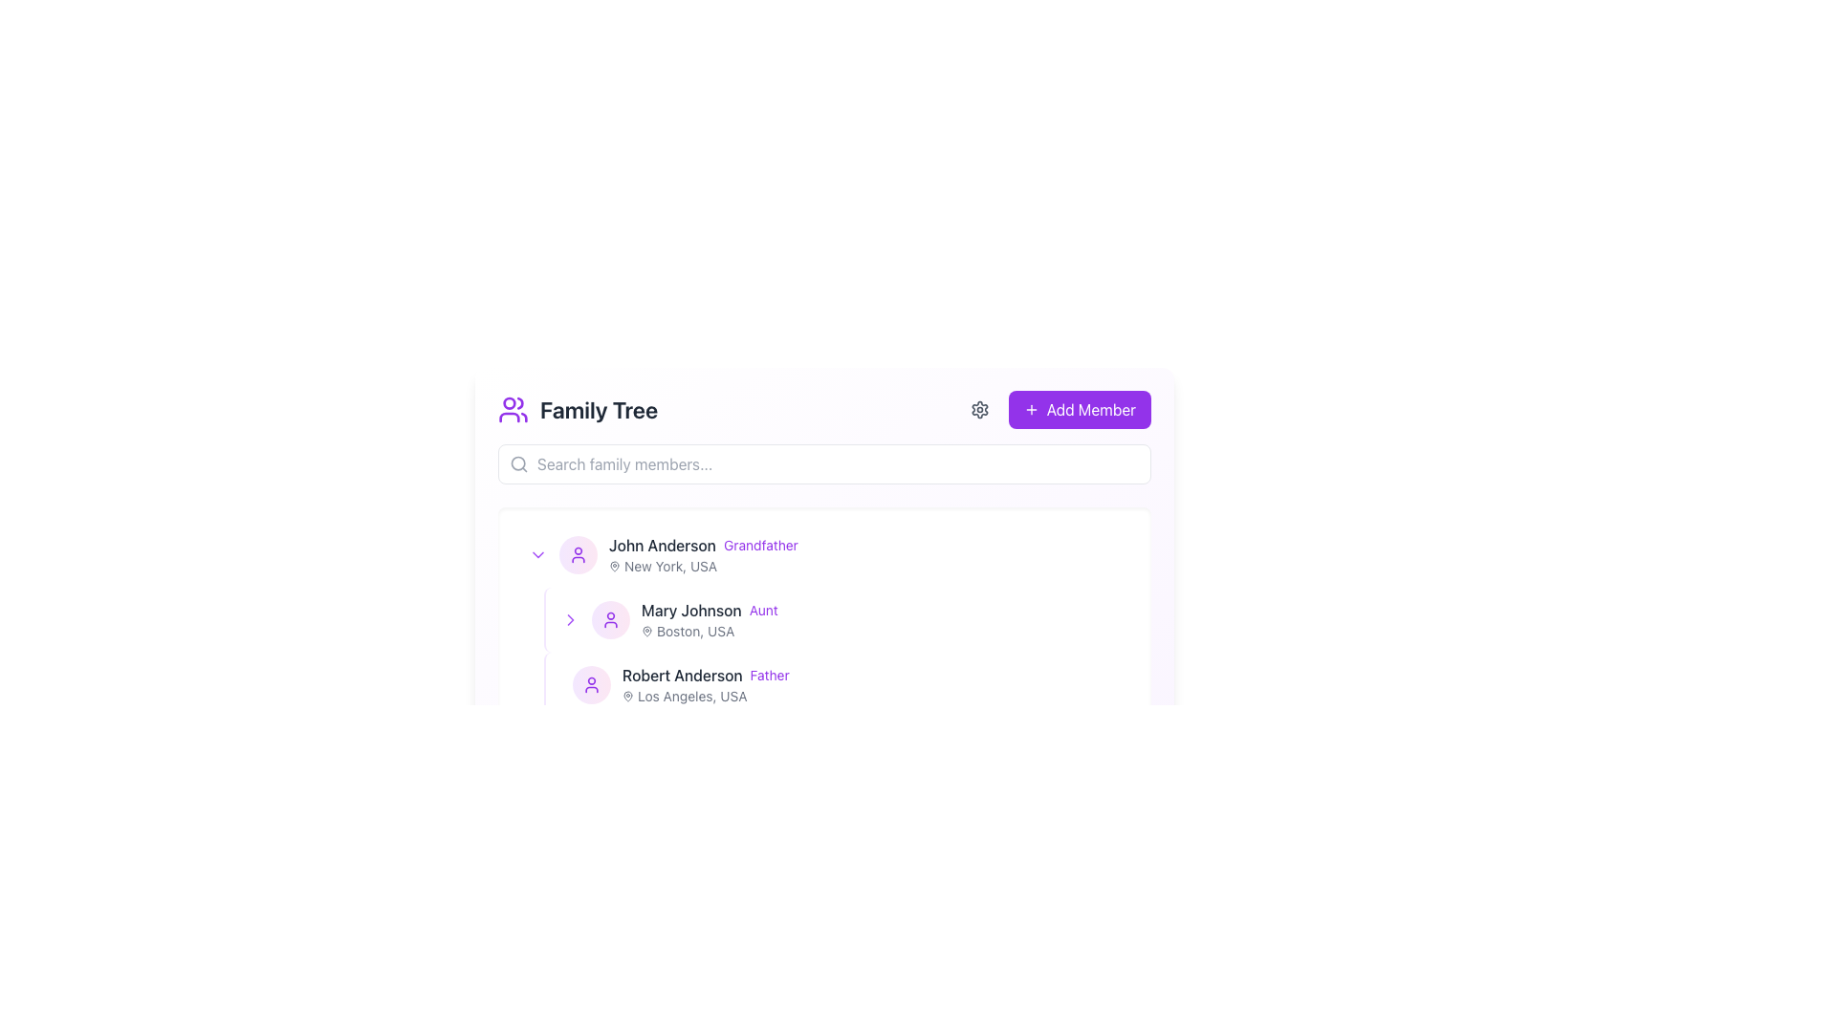 The image size is (1836, 1032). Describe the element at coordinates (670, 566) in the screenshot. I see `the text label displaying 'New York, USA' which is located next to the map pin icon in the family tree structure for 'John Anderson'` at that location.